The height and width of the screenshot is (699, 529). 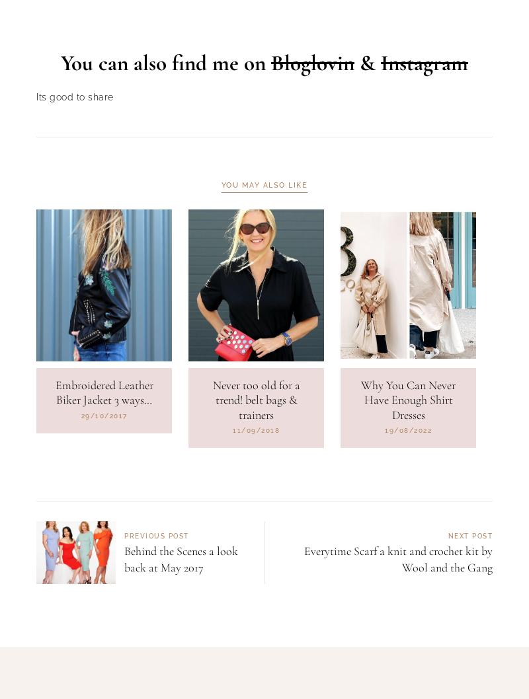 What do you see at coordinates (368, 130) in the screenshot?
I see `'&'` at bounding box center [368, 130].